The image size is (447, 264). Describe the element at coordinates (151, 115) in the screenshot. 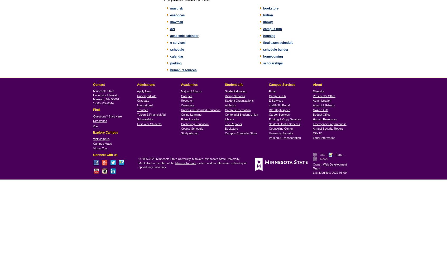

I see `'Tuition & Financial Aid'` at that location.